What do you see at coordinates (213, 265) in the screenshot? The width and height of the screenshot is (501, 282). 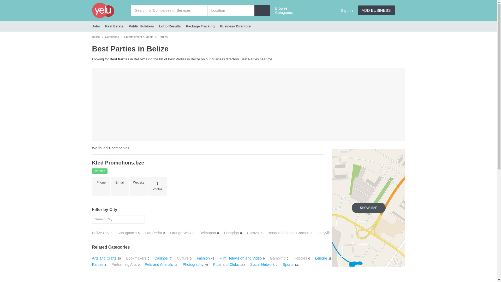 I see `'Pubs and Clubs'` at bounding box center [213, 265].